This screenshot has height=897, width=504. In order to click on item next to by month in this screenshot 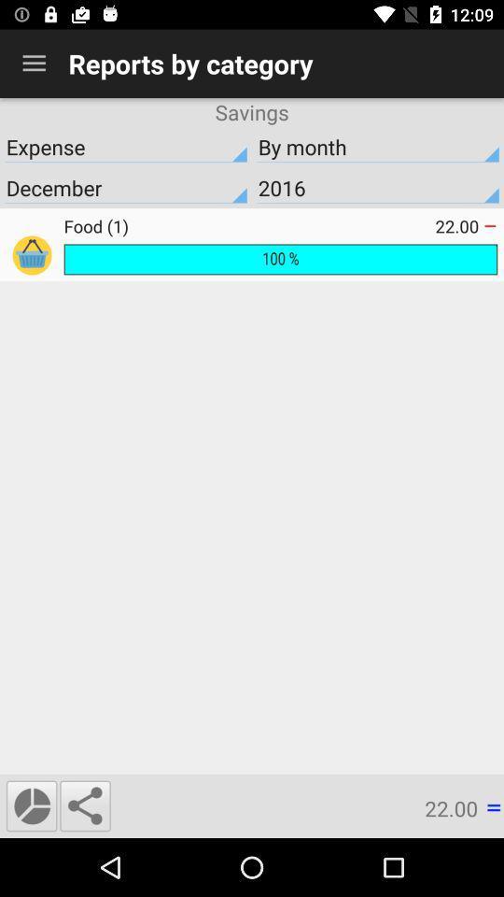, I will do `click(126, 146)`.